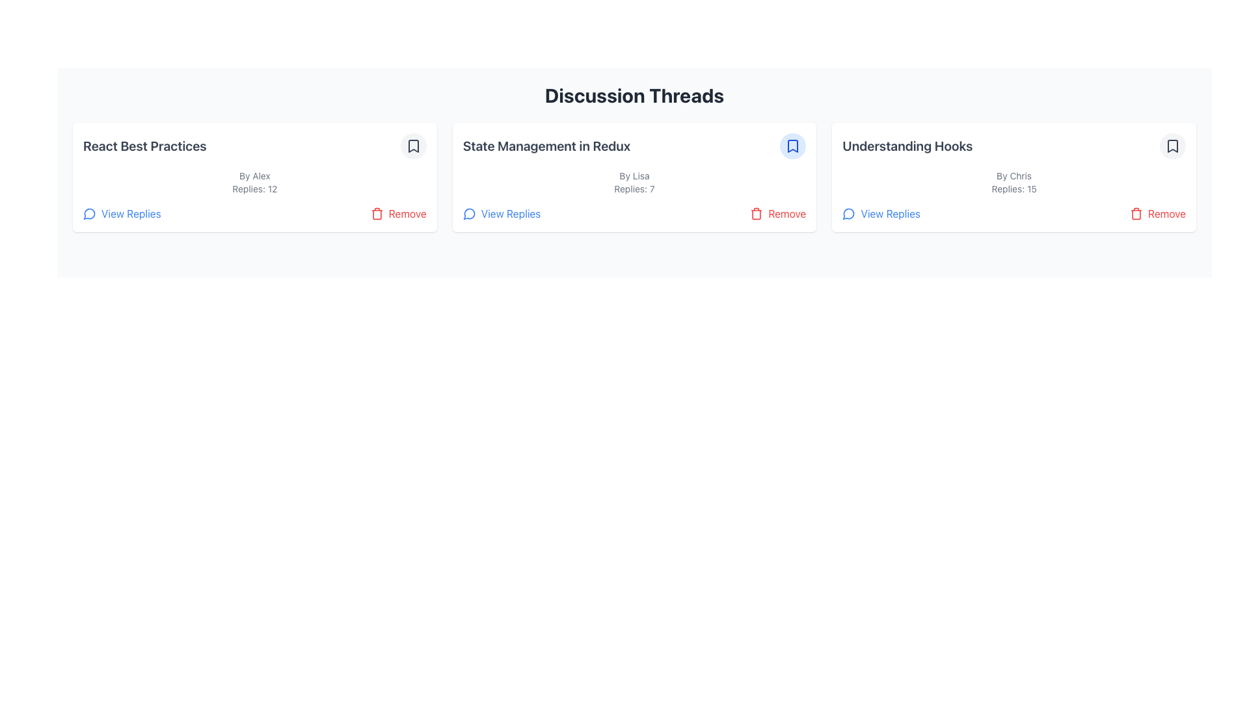 This screenshot has height=702, width=1249. I want to click on the red trash bin icon located within the 'Remove' button area associated with the 'Understanding Hooks' discussion card, so click(1136, 213).